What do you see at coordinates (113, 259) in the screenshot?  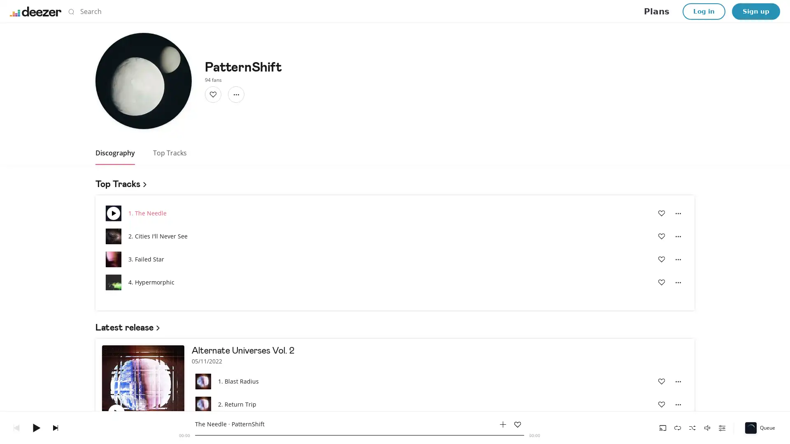 I see `Play Failed Star by PatternShift` at bounding box center [113, 259].